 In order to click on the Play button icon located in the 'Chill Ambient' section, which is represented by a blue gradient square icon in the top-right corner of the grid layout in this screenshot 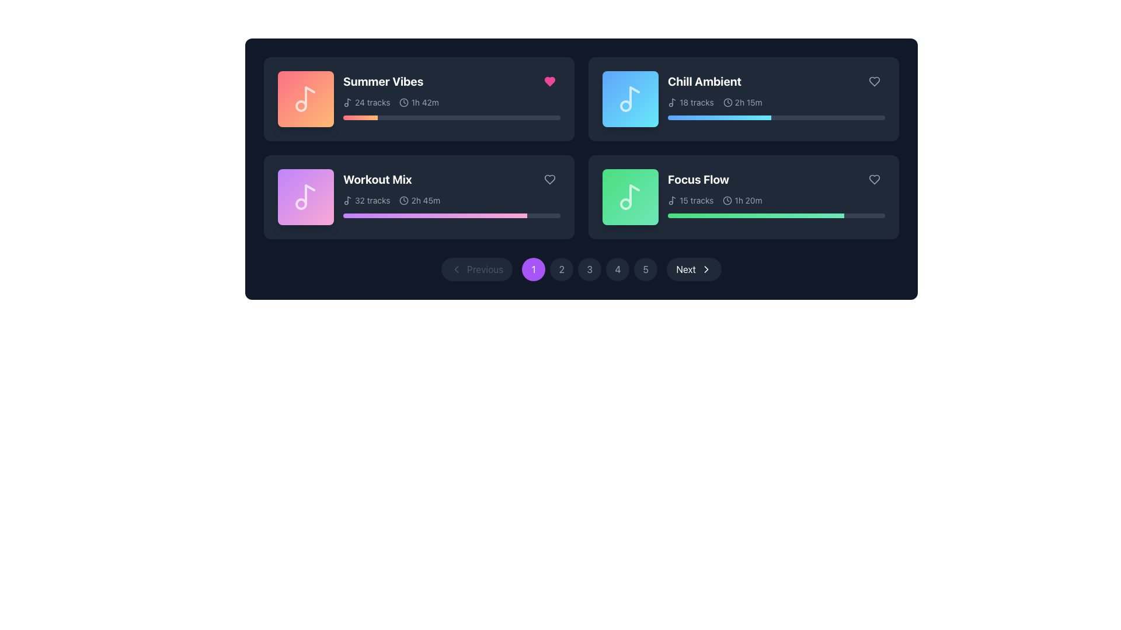, I will do `click(630, 98)`.